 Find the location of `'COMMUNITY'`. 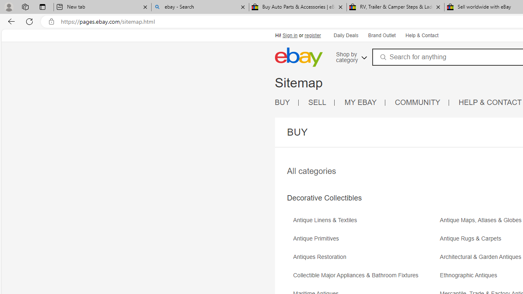

'COMMUNITY' is located at coordinates (418, 102).